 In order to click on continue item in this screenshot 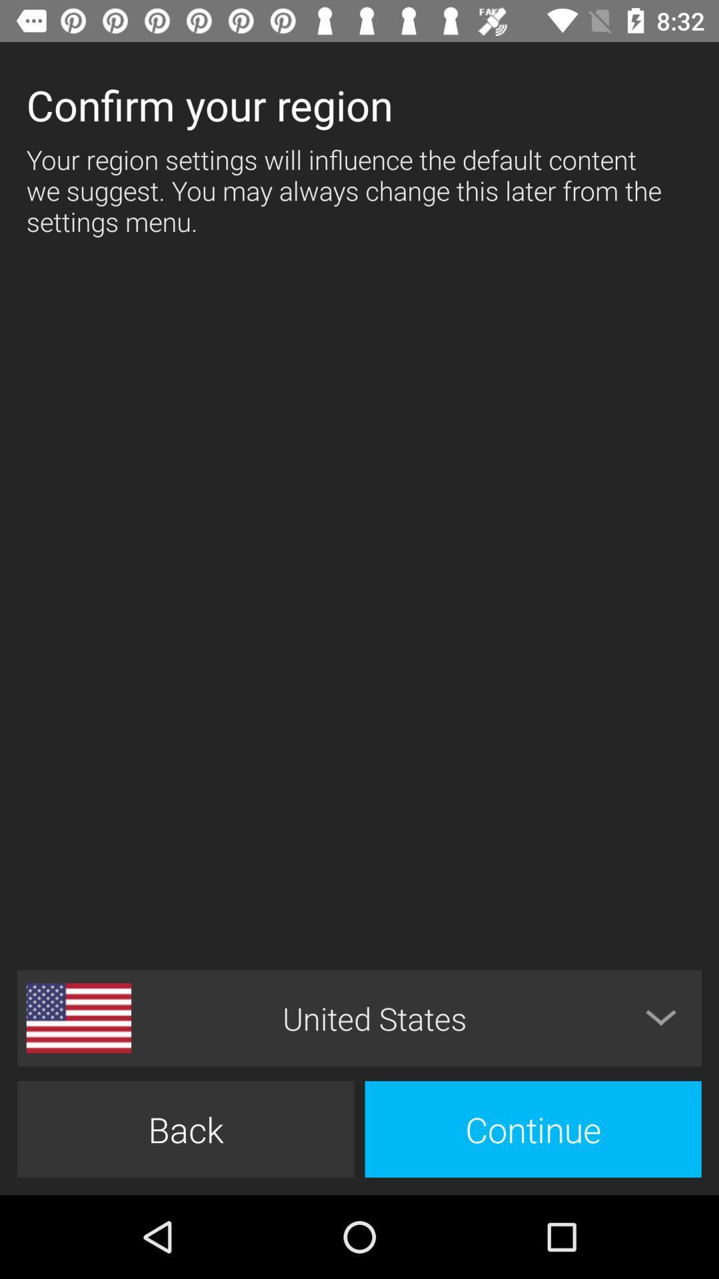, I will do `click(533, 1128)`.